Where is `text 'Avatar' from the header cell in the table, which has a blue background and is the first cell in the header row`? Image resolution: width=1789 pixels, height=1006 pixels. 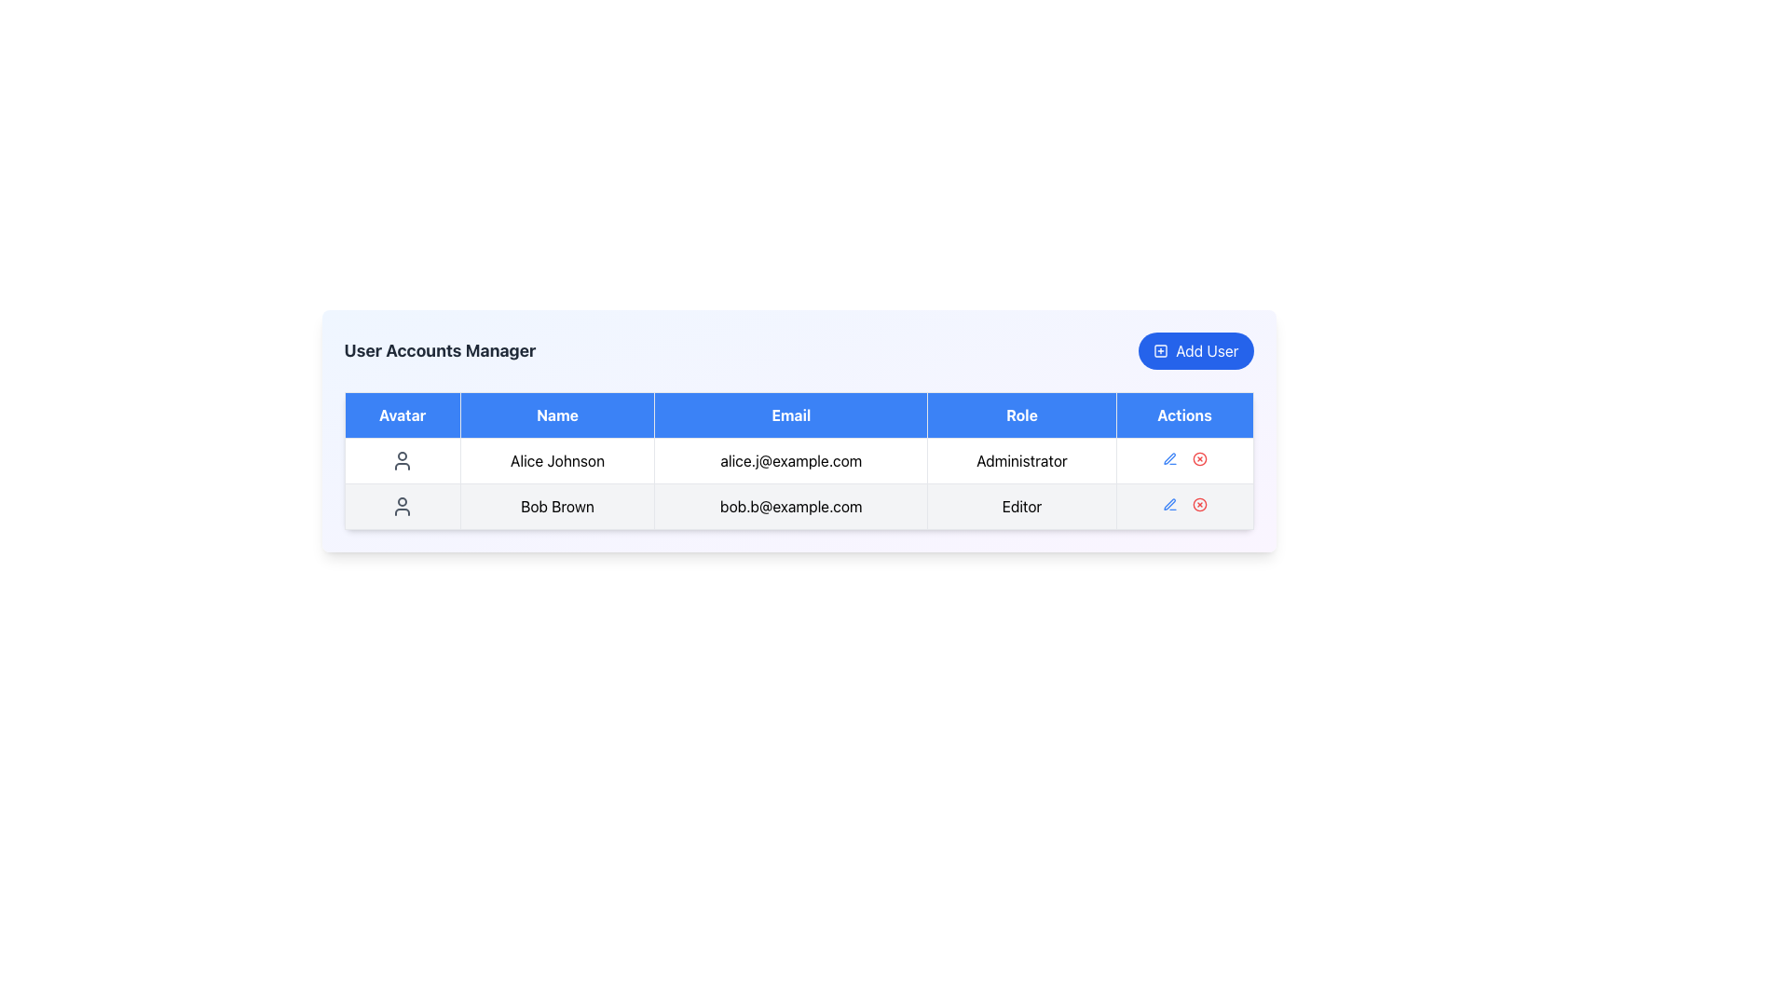 text 'Avatar' from the header cell in the table, which has a blue background and is the first cell in the header row is located at coordinates (402, 415).